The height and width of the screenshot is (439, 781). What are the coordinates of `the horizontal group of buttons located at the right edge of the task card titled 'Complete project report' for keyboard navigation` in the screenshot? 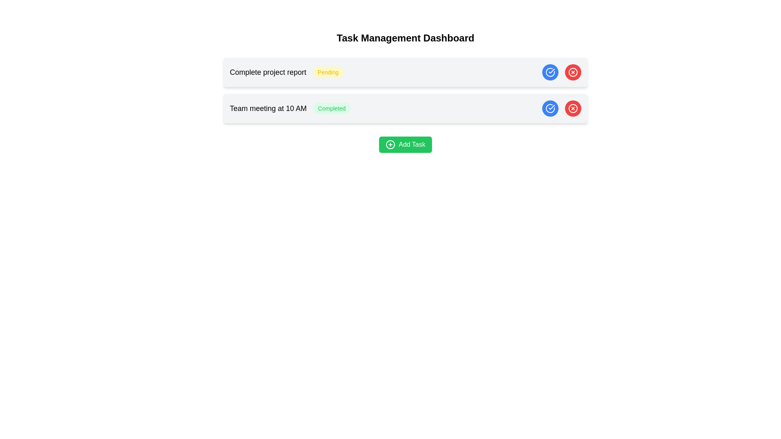 It's located at (561, 72).